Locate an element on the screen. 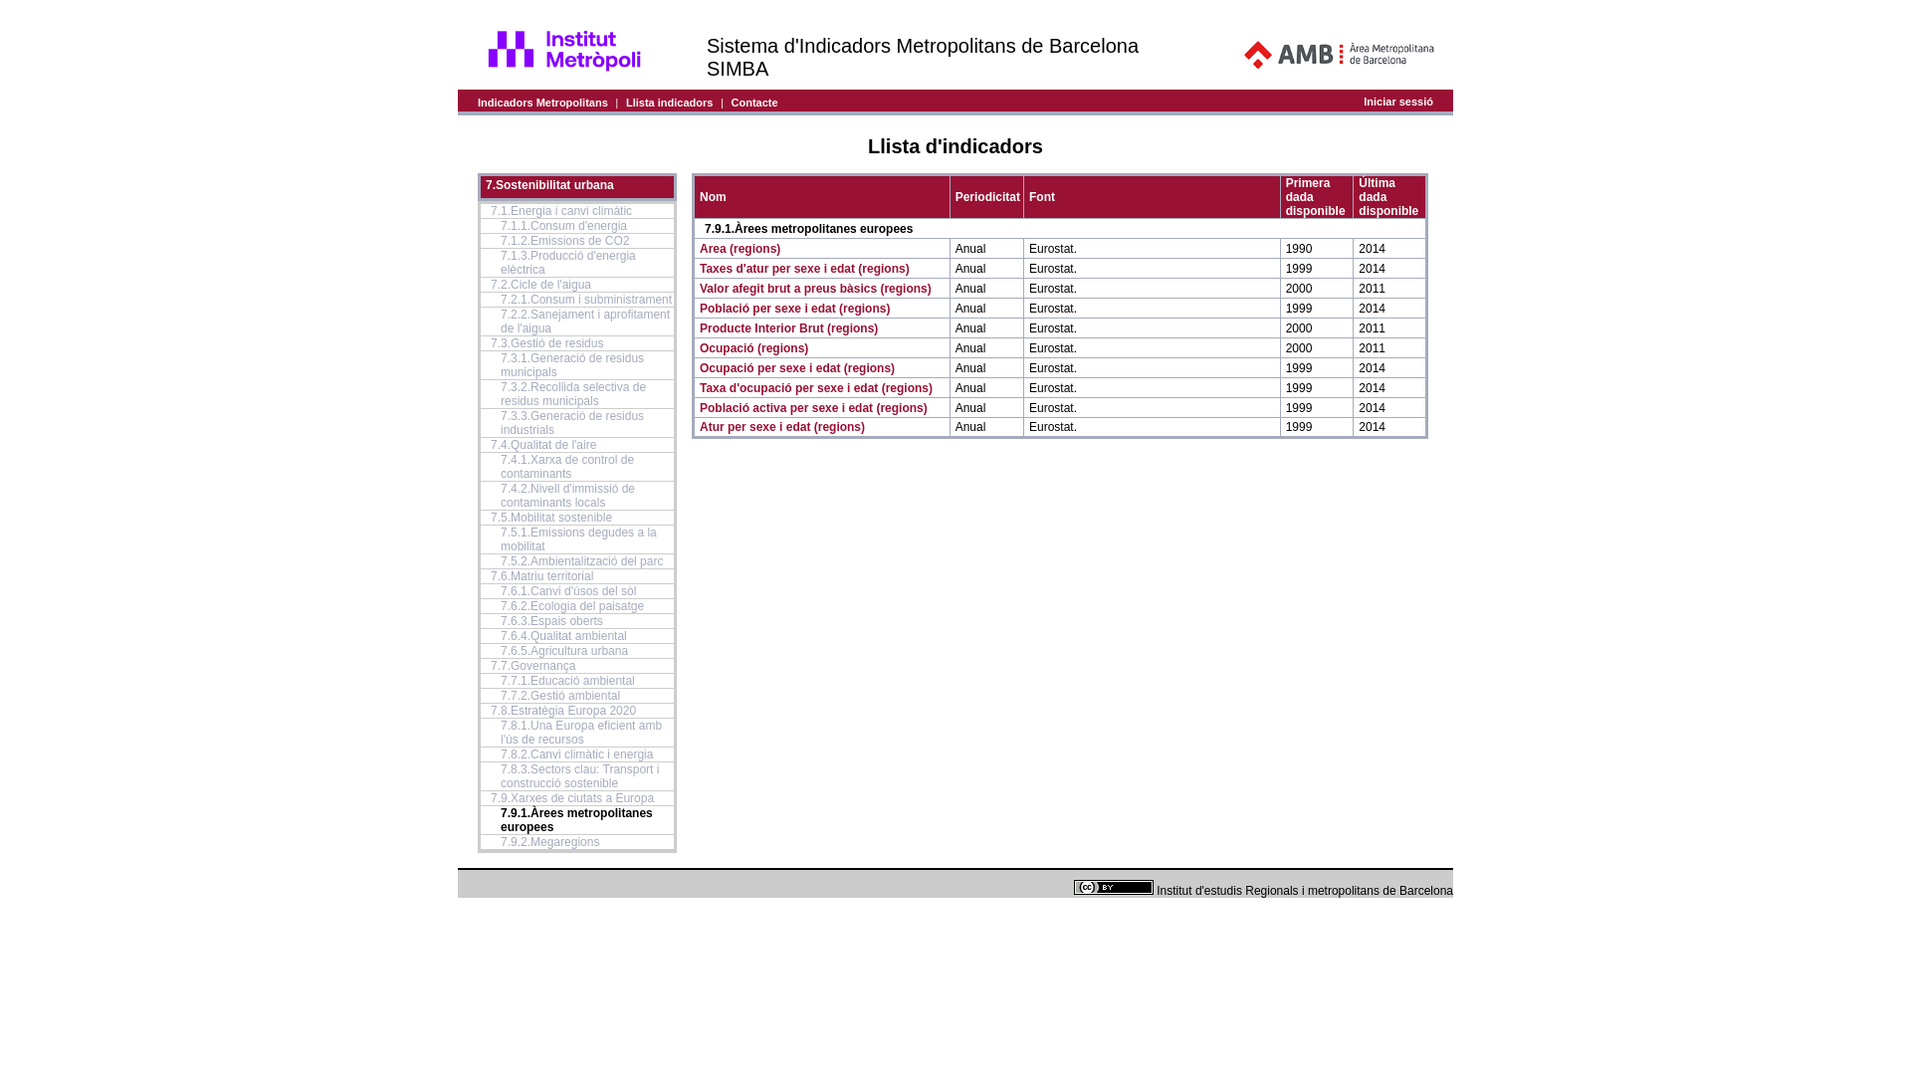 This screenshot has width=1911, height=1075. 'Contacte' is located at coordinates (753, 101).